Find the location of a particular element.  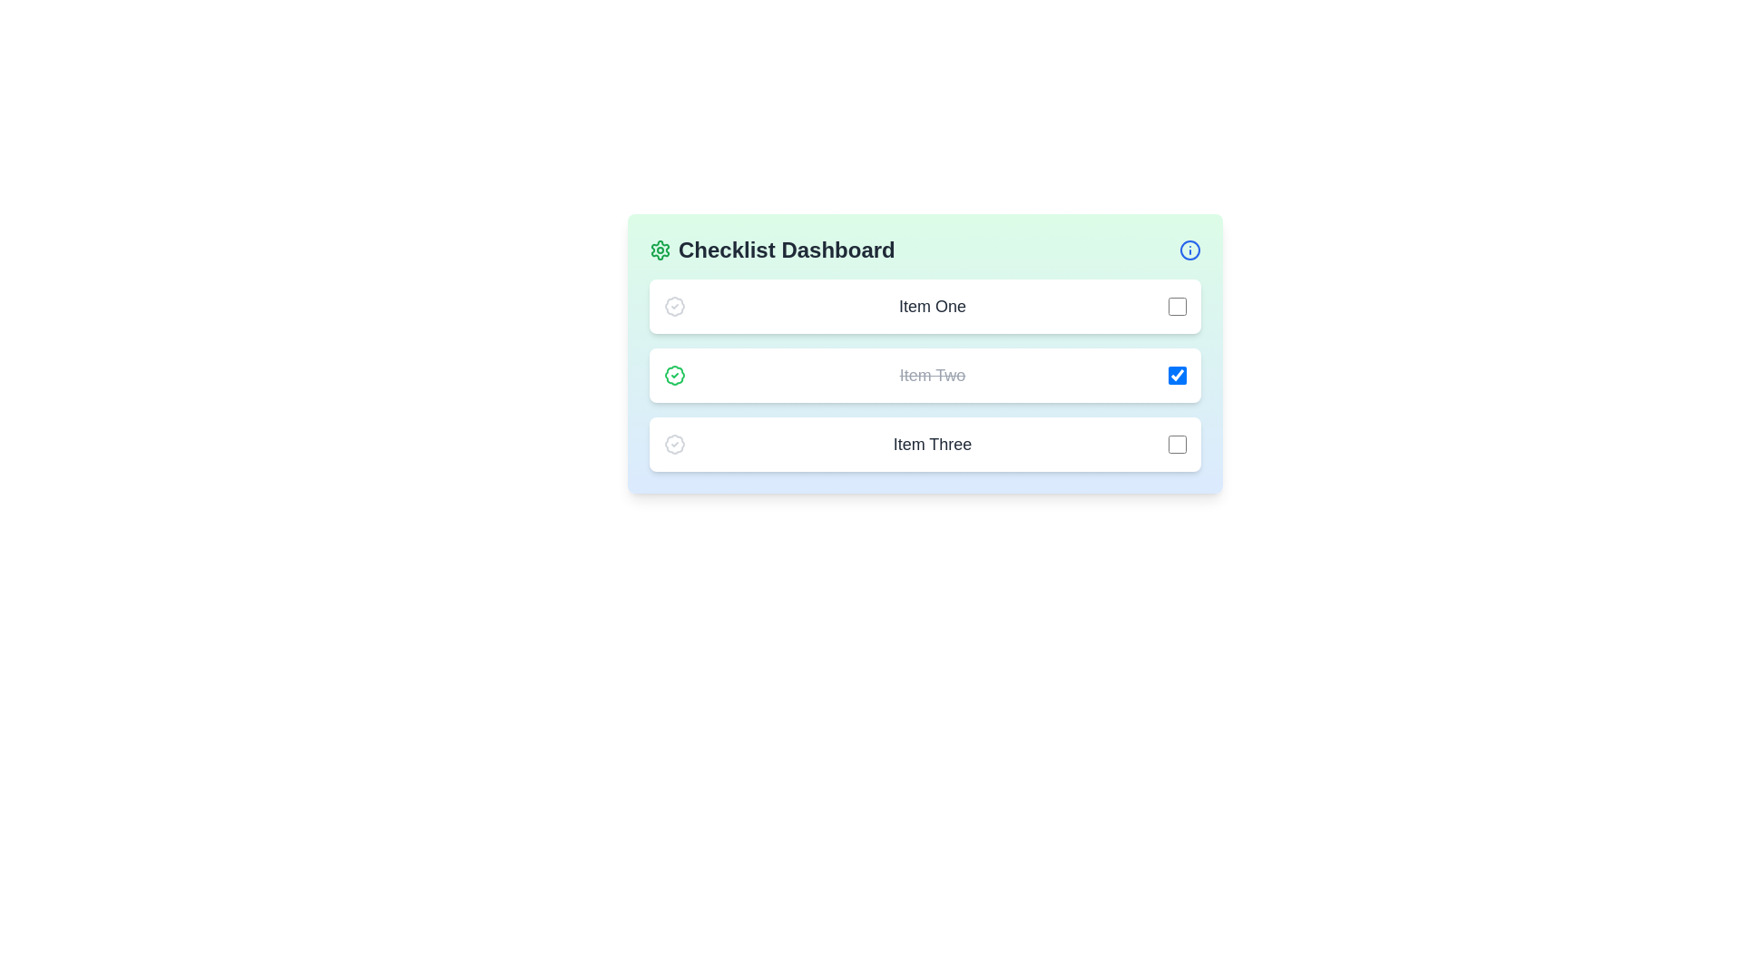

the checkbox located to the right of the text 'Item Two' in the checklist interface is located at coordinates (1177, 374).